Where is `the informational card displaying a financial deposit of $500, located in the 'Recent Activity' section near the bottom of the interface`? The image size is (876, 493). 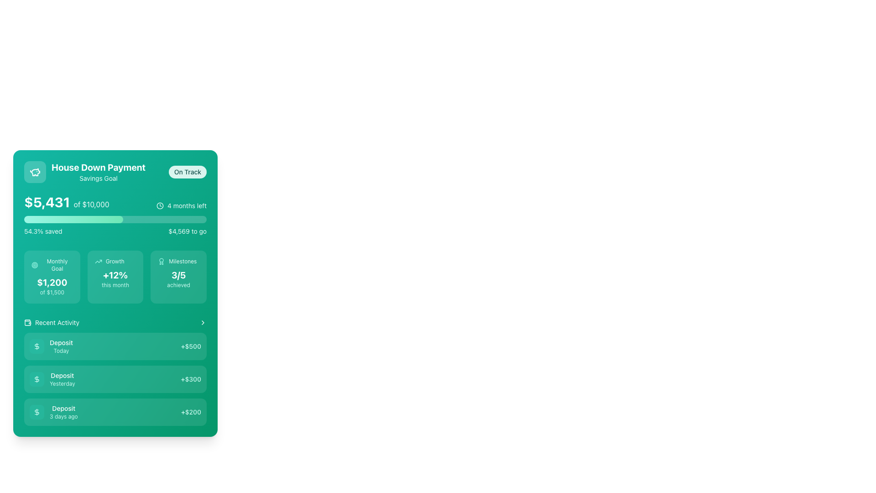
the informational card displaying a financial deposit of $500, located in the 'Recent Activity' section near the bottom of the interface is located at coordinates (115, 346).